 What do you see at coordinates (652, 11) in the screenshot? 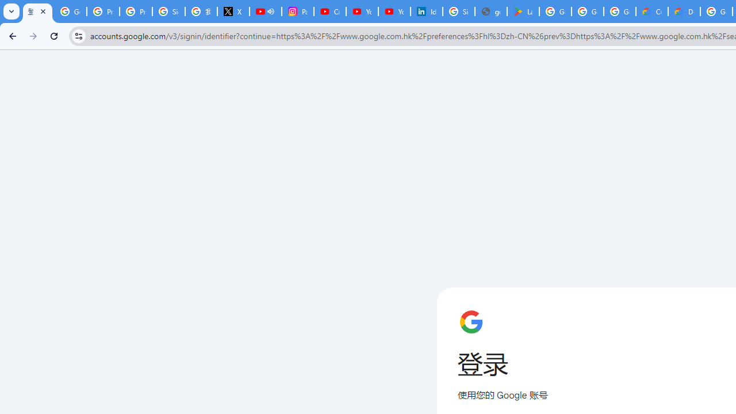
I see `'Customer Care | Google Cloud'` at bounding box center [652, 11].